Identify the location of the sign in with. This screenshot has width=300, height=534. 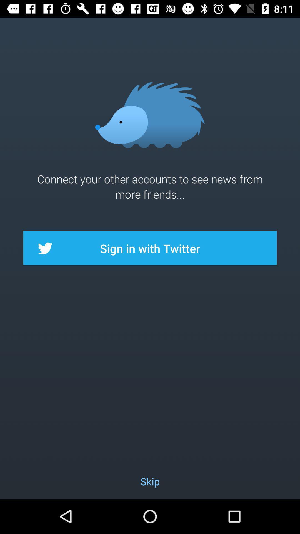
(150, 248).